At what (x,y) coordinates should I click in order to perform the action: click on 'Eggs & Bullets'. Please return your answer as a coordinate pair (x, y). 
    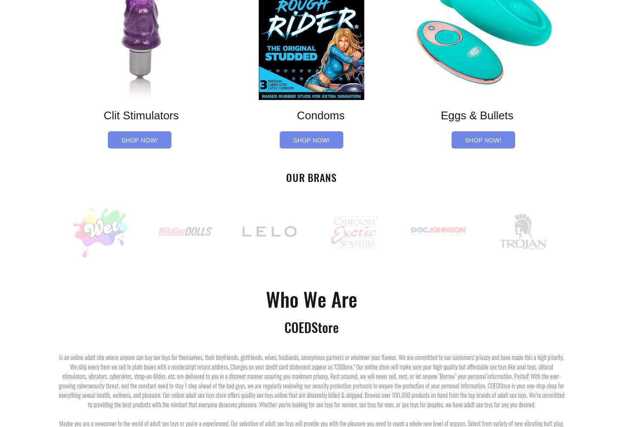
    Looking at the image, I should click on (483, 115).